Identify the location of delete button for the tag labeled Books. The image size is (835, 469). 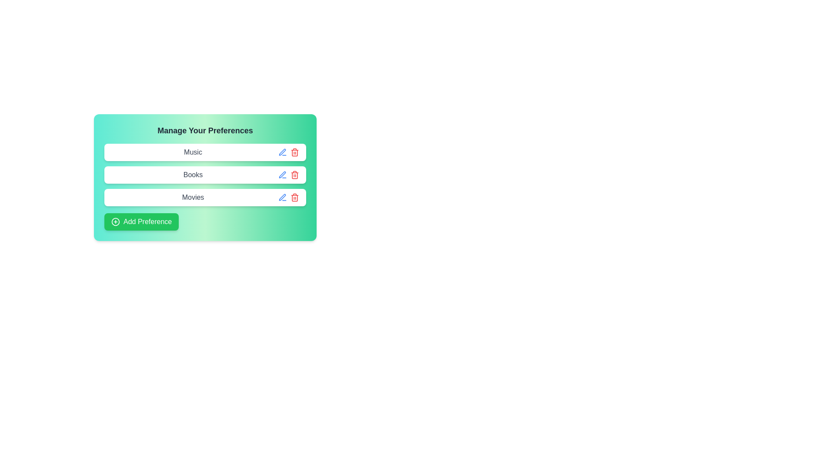
(294, 175).